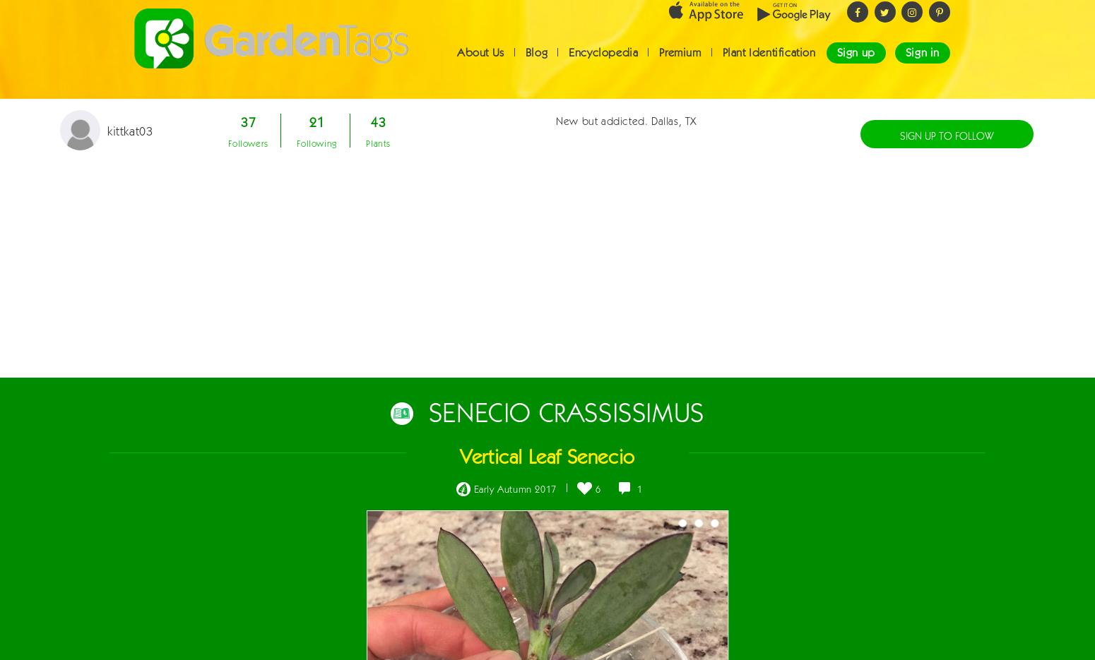  What do you see at coordinates (536, 64) in the screenshot?
I see `'Blog'` at bounding box center [536, 64].